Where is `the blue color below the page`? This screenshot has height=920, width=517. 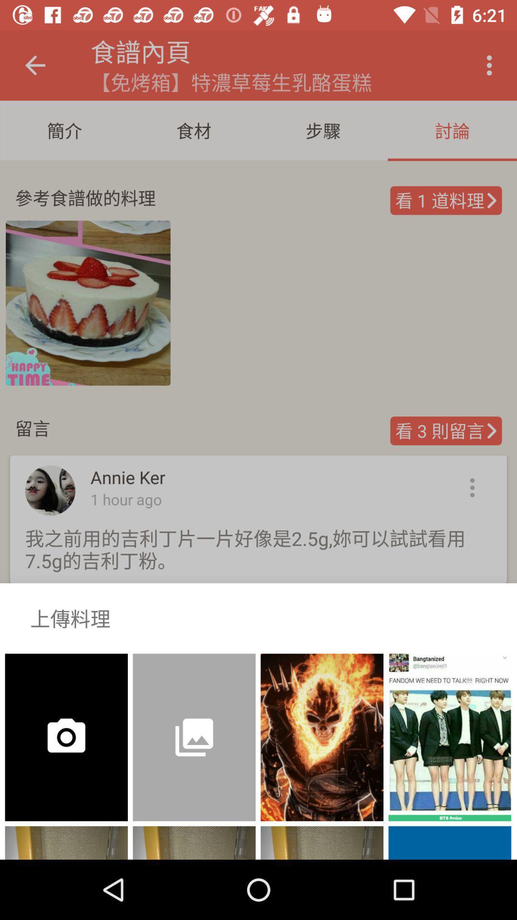 the blue color below the page is located at coordinates (450, 842).